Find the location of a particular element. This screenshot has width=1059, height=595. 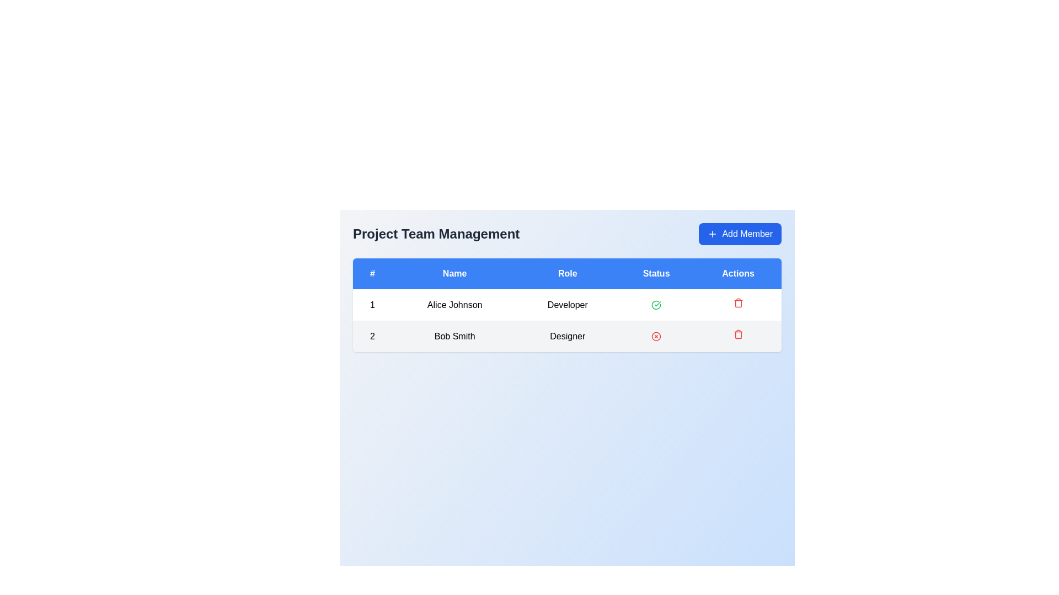

the negative status icon associated with 'Bob Smith' in the Actions column is located at coordinates (656, 336).